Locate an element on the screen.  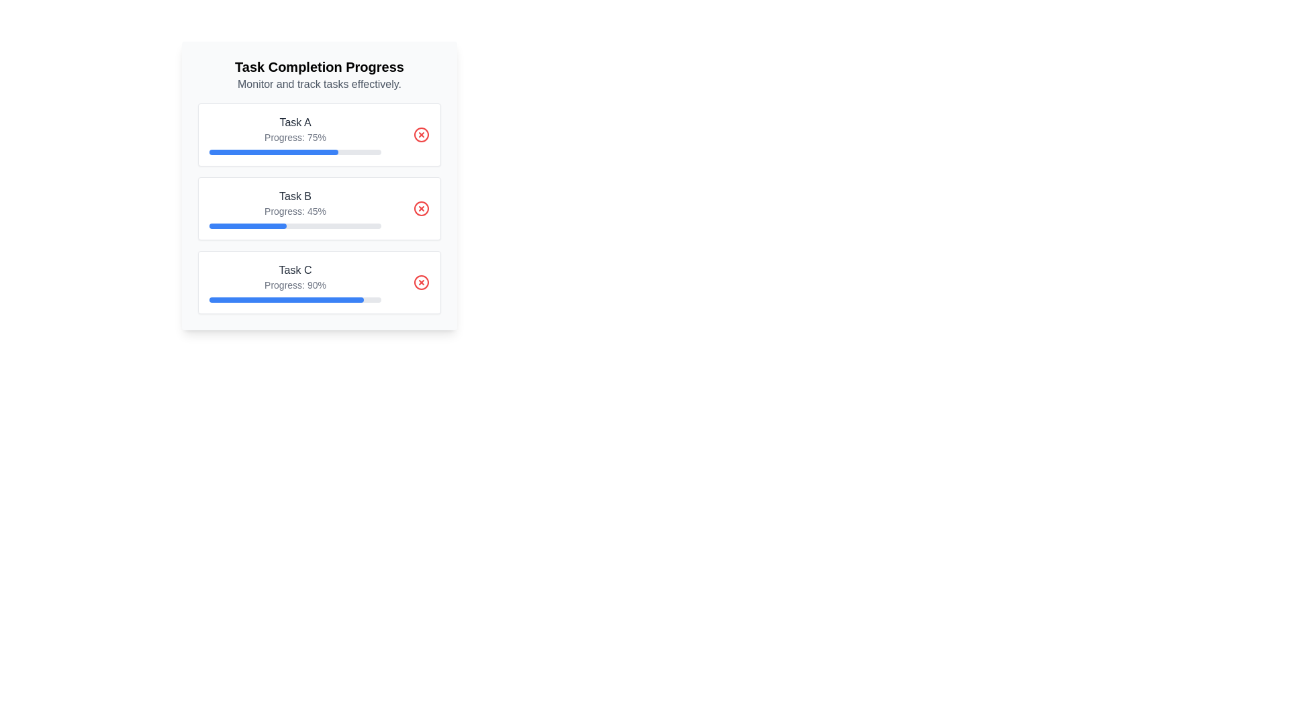
the bold red circular icon button with a cross inside, located at the end of the Task A progress bar is located at coordinates (421, 134).